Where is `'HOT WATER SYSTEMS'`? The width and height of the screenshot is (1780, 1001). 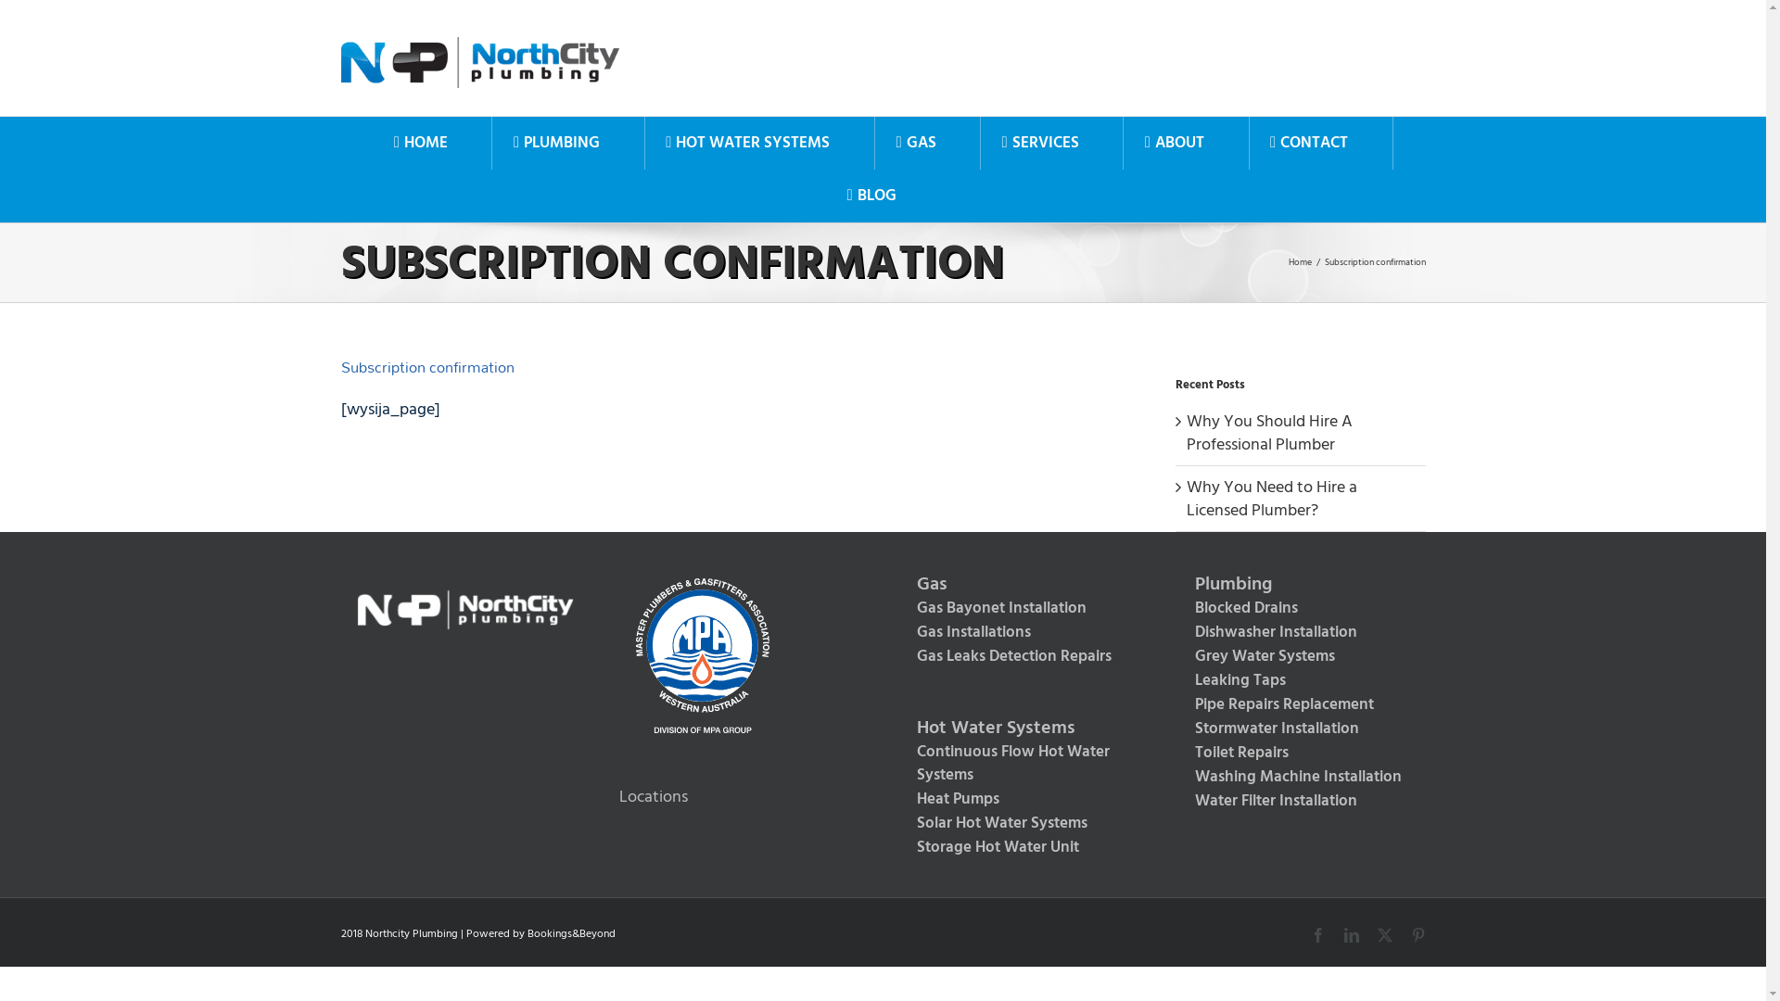 'HOT WATER SYSTEMS' is located at coordinates (645, 142).